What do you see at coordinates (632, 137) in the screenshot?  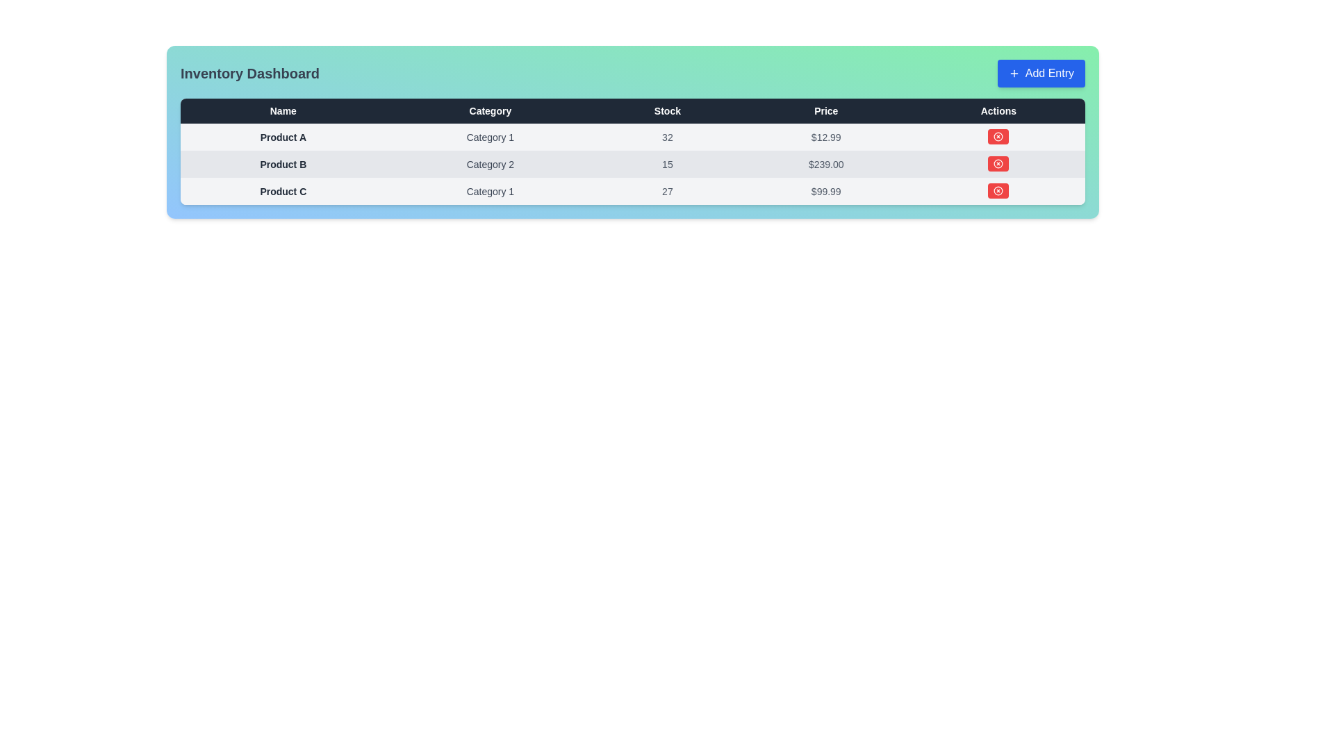 I see `the first row in the Inventory Dashboard table displaying data for 'Product A', which includes its category 'Category 1', stock amount '32', and price '$12.99'` at bounding box center [632, 137].